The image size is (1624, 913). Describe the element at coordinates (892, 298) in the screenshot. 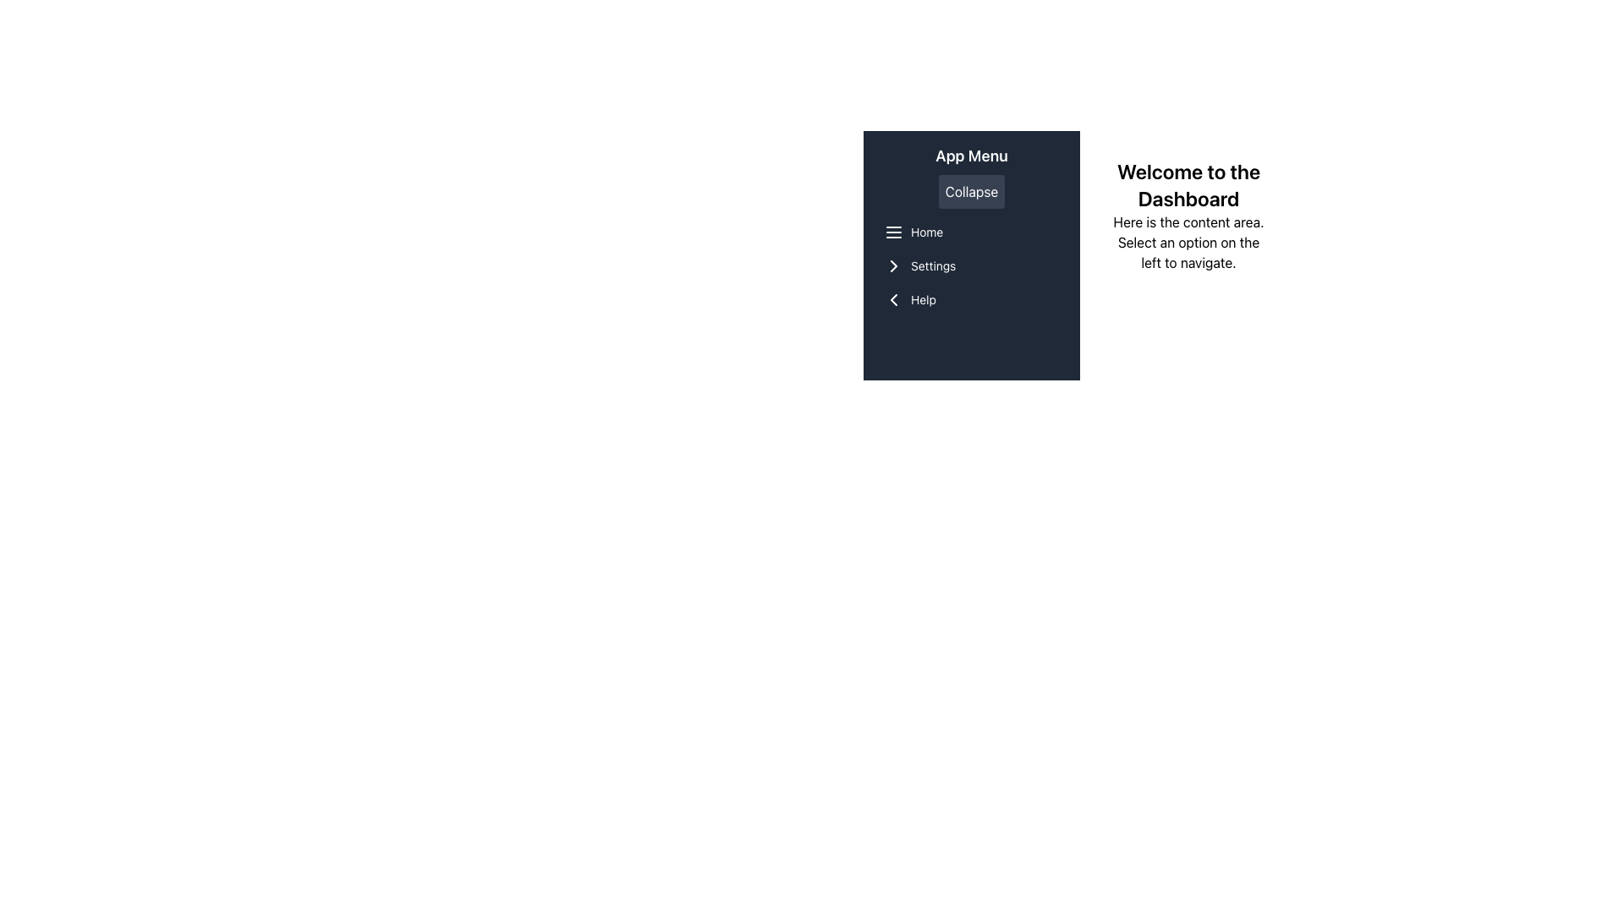

I see `the left-facing chevron icon inside the dark rectangular 'Help' button` at that location.